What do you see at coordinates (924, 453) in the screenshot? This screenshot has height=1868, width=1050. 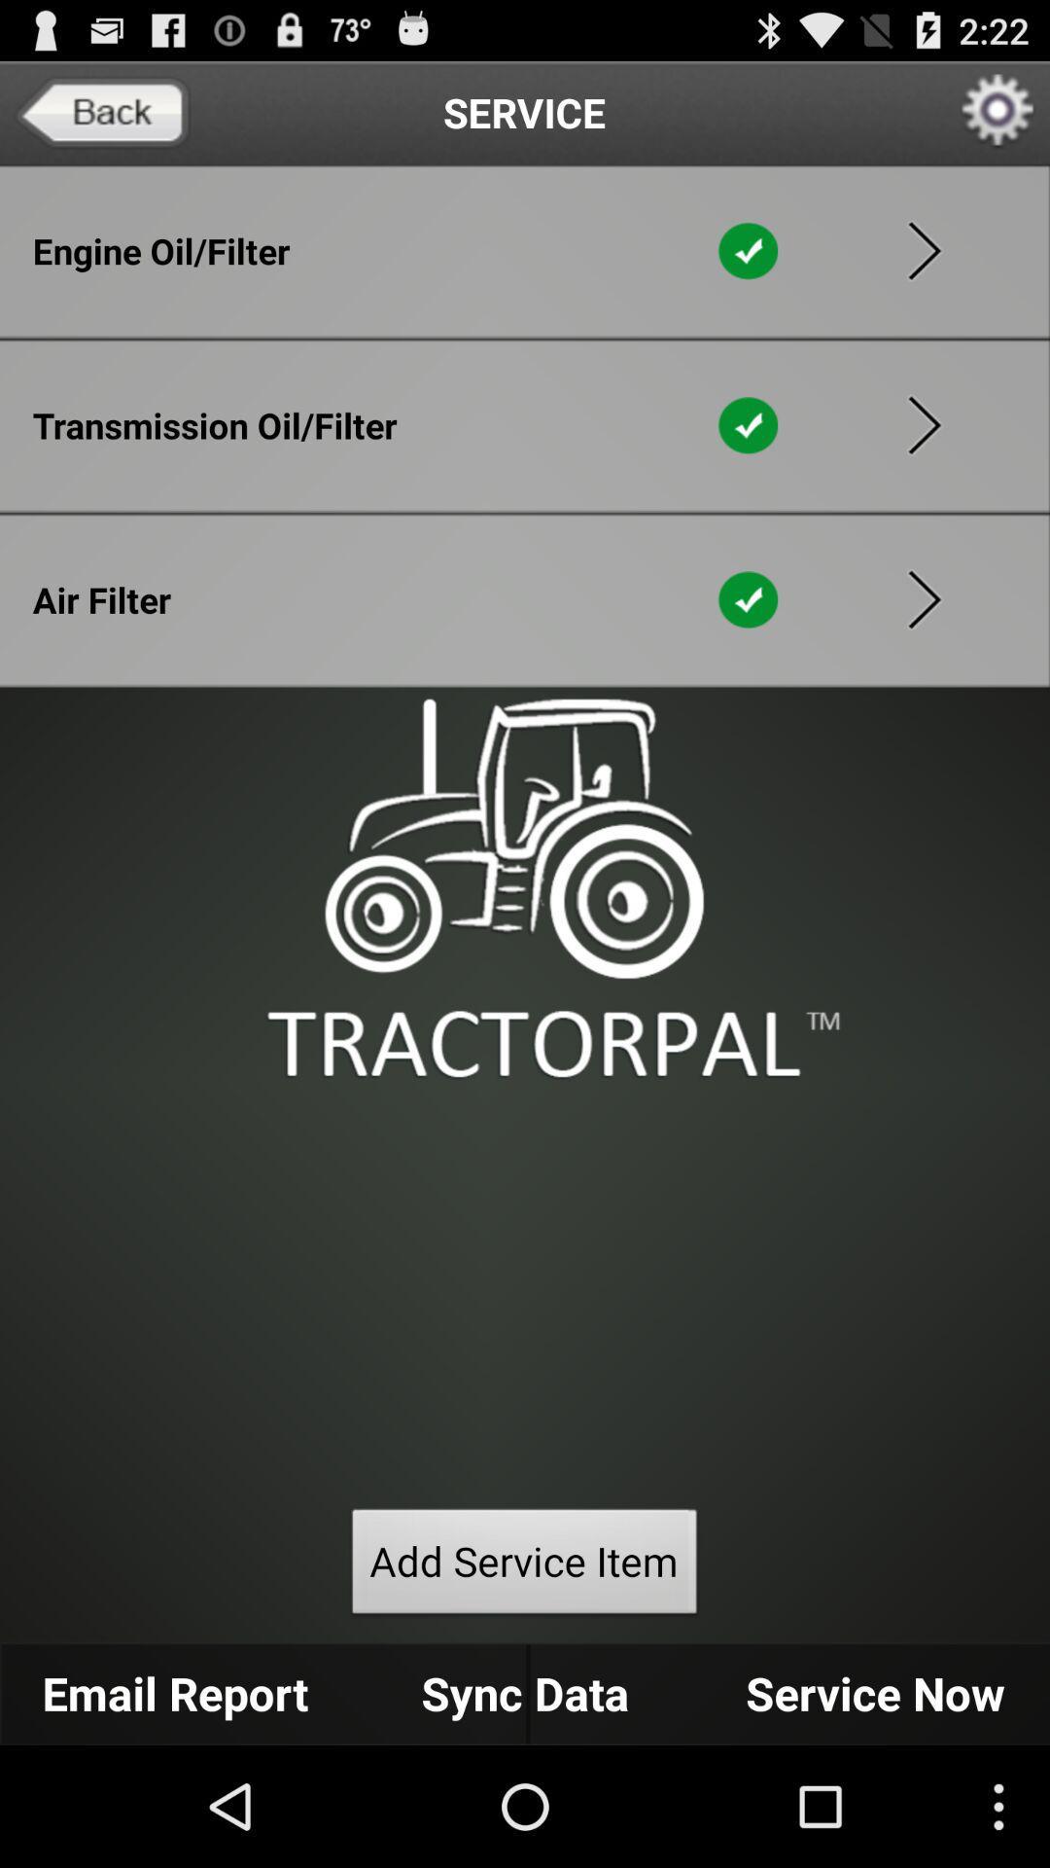 I see `the play icon` at bounding box center [924, 453].